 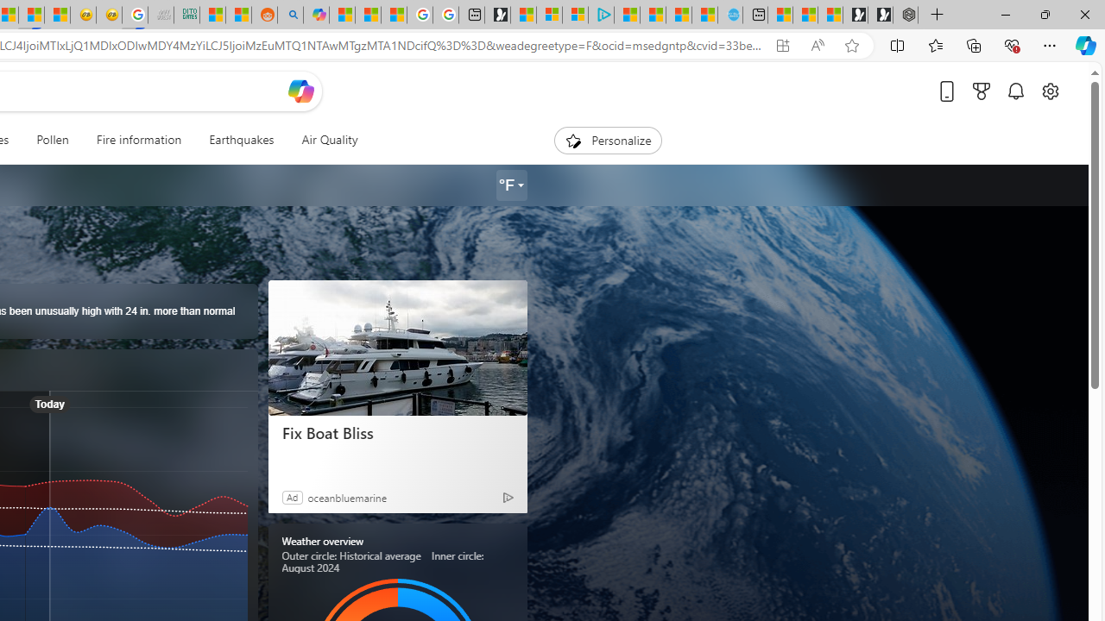 What do you see at coordinates (240, 140) in the screenshot?
I see `'Earthquakes'` at bounding box center [240, 140].